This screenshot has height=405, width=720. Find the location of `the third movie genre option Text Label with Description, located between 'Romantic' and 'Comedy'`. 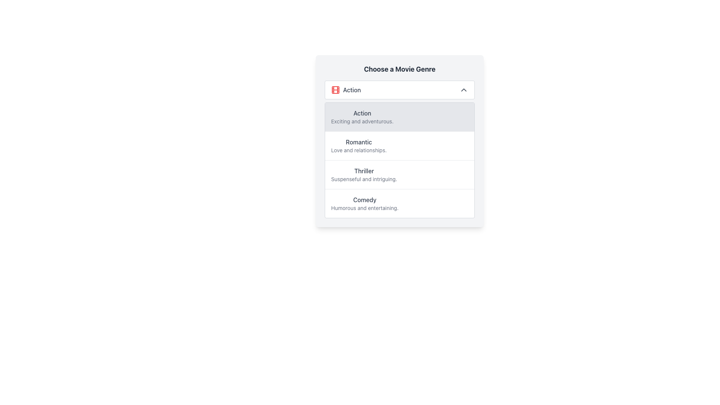

the third movie genre option Text Label with Description, located between 'Romantic' and 'Comedy' is located at coordinates (364, 175).